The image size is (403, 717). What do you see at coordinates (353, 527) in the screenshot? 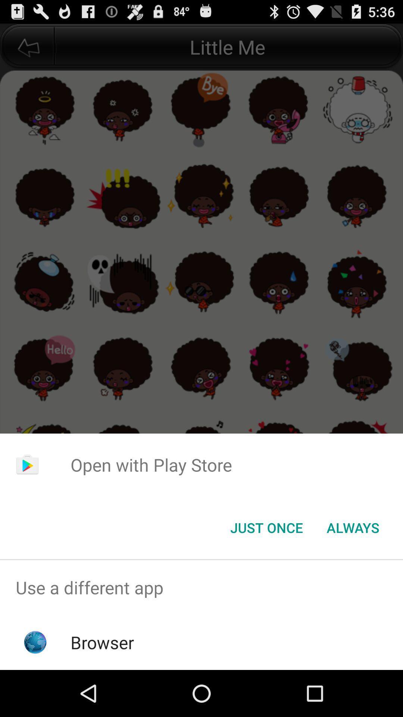
I see `icon below open with play item` at bounding box center [353, 527].